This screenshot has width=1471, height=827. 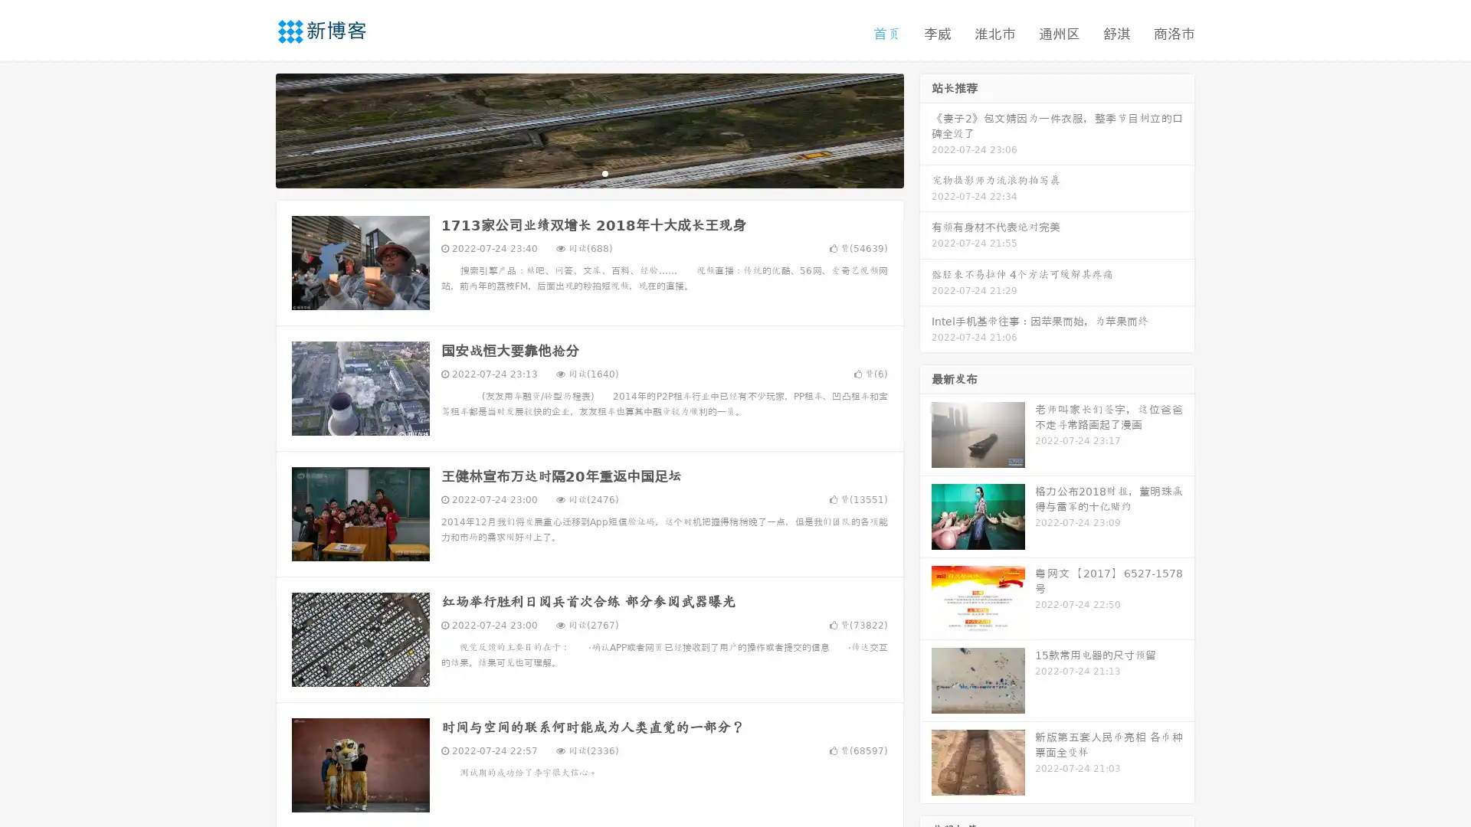 I want to click on Go to slide 1, so click(x=573, y=172).